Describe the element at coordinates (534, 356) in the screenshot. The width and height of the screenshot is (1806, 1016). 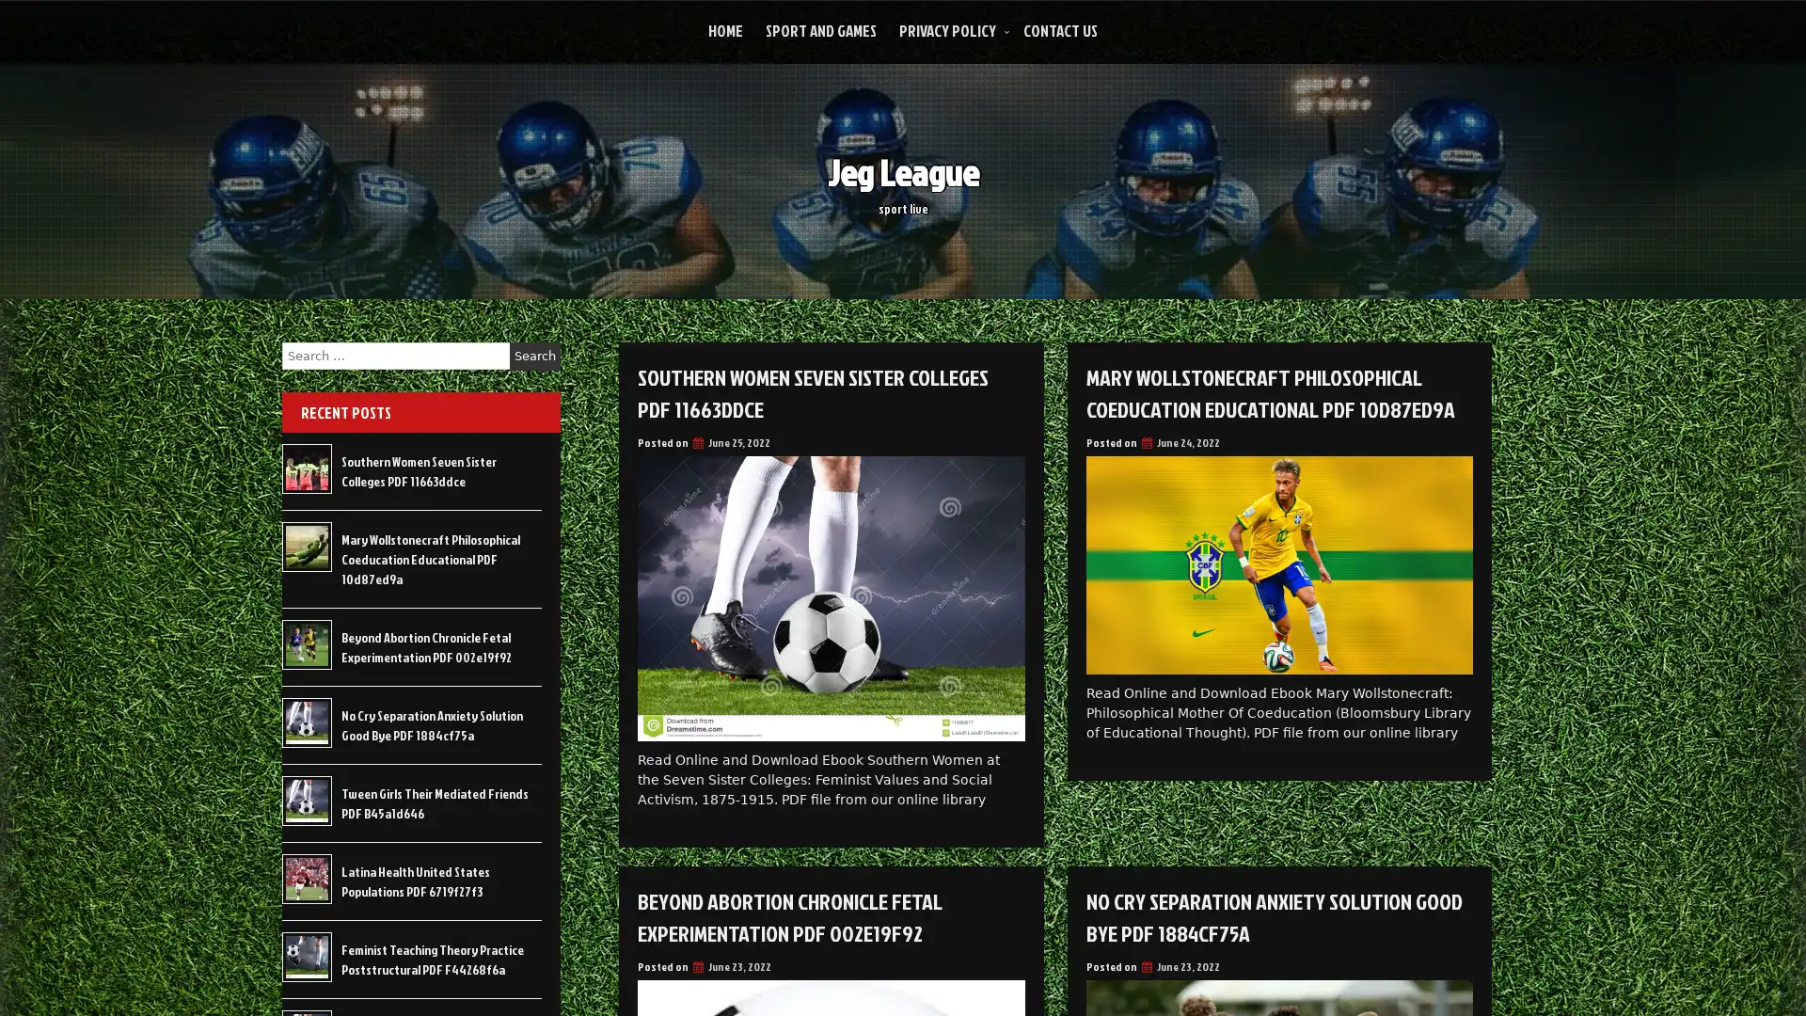
I see `Search` at that location.